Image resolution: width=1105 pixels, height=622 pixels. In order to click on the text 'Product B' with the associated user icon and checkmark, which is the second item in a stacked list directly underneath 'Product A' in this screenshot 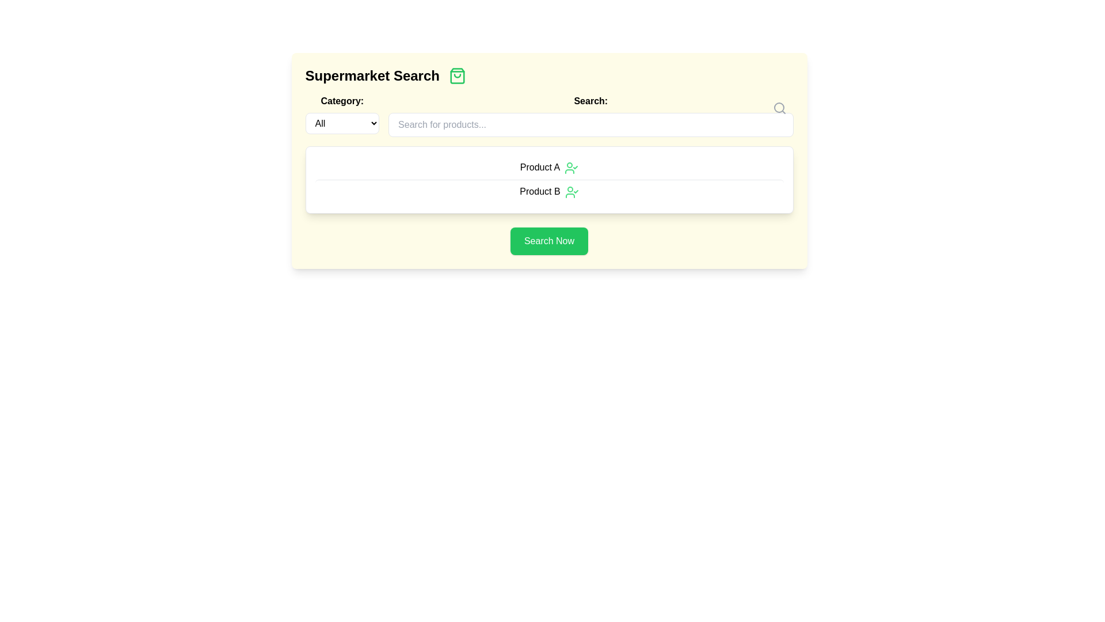, I will do `click(548, 191)`.